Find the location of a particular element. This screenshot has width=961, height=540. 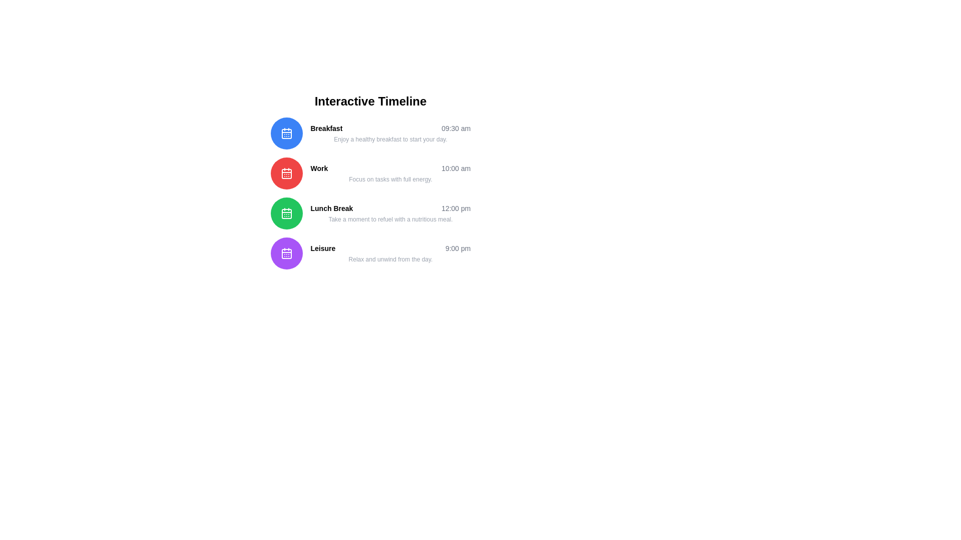

the decorative graphical element (rounded rectangle with a green background) that represents the 'Lunch Break' activity in the timeline, located in the third position from the top in the vertical list of icons is located at coordinates (286, 213).